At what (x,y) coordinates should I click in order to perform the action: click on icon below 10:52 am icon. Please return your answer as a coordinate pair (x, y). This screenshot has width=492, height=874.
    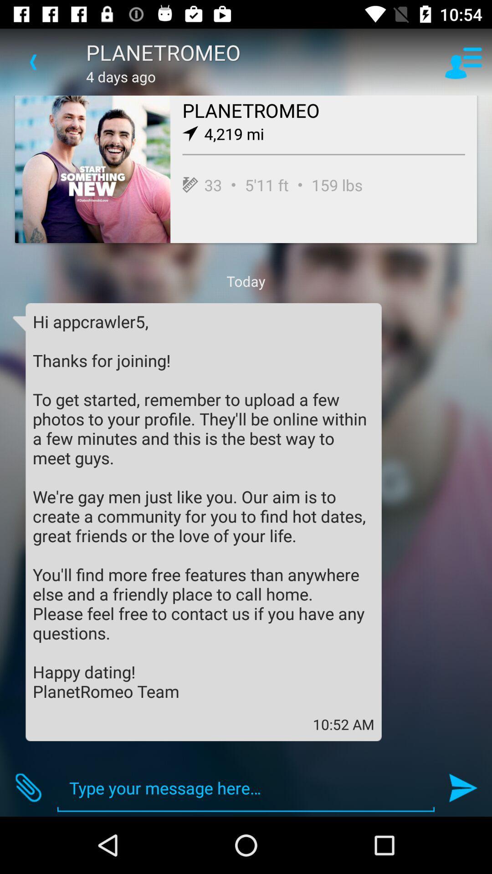
    Looking at the image, I should click on (246, 788).